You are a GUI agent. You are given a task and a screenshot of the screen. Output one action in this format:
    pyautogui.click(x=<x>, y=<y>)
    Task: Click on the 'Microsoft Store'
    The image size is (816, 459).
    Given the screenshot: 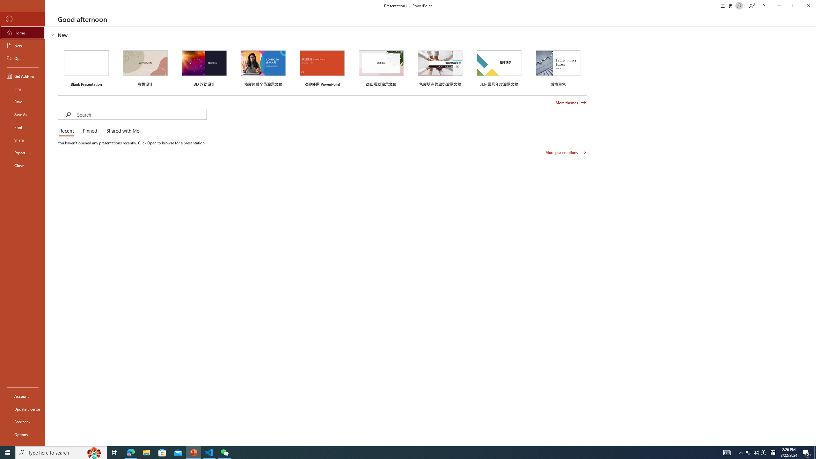 What is the action you would take?
    pyautogui.click(x=162, y=452)
    